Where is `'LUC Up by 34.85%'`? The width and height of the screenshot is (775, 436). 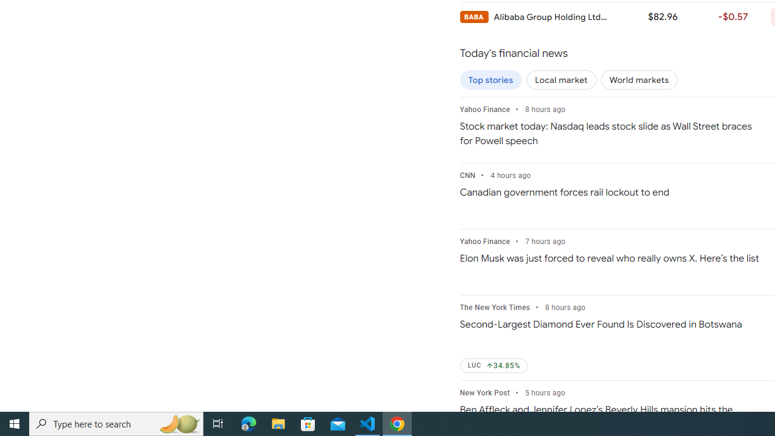
'LUC Up by 34.85%' is located at coordinates (494, 365).